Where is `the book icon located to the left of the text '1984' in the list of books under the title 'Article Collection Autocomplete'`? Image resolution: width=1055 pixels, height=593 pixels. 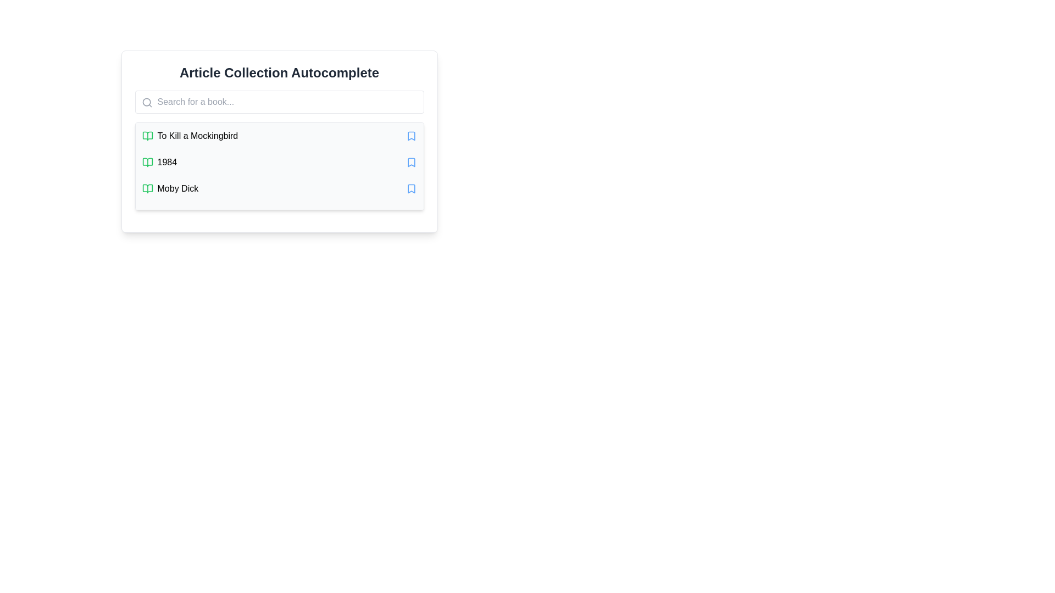
the book icon located to the left of the text '1984' in the list of books under the title 'Article Collection Autocomplete' is located at coordinates (147, 163).